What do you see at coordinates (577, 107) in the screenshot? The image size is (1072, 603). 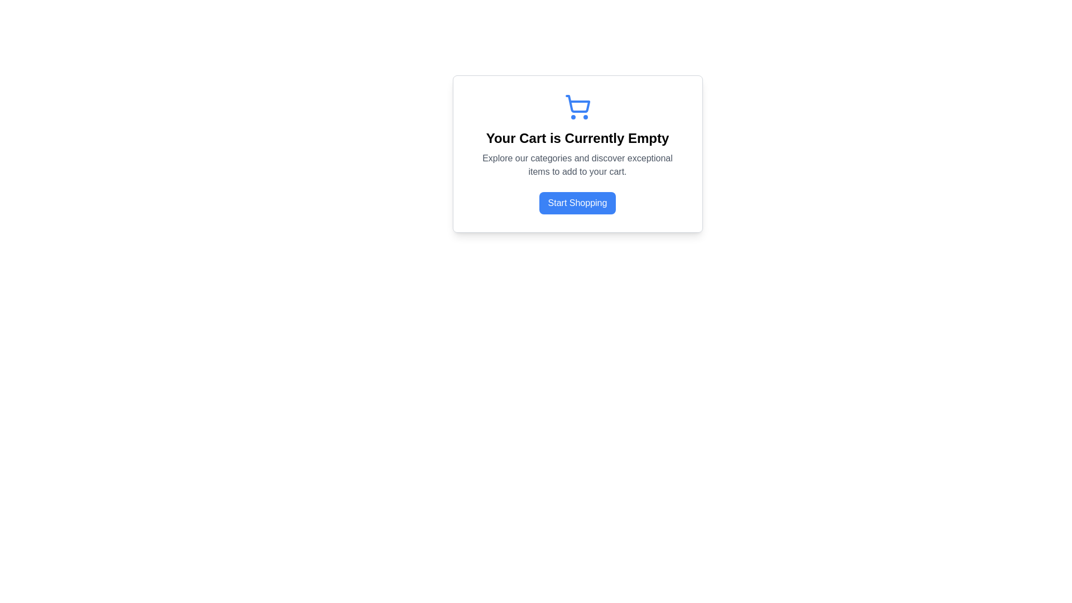 I see `the blue shopping cart icon located at the top of the central card, above the 'Your Cart is Currently Empty' text` at bounding box center [577, 107].